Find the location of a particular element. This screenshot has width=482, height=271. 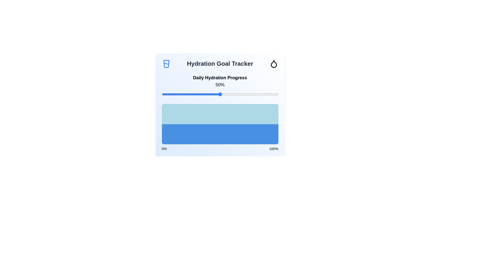

the hydration slider to 74% is located at coordinates (248, 94).